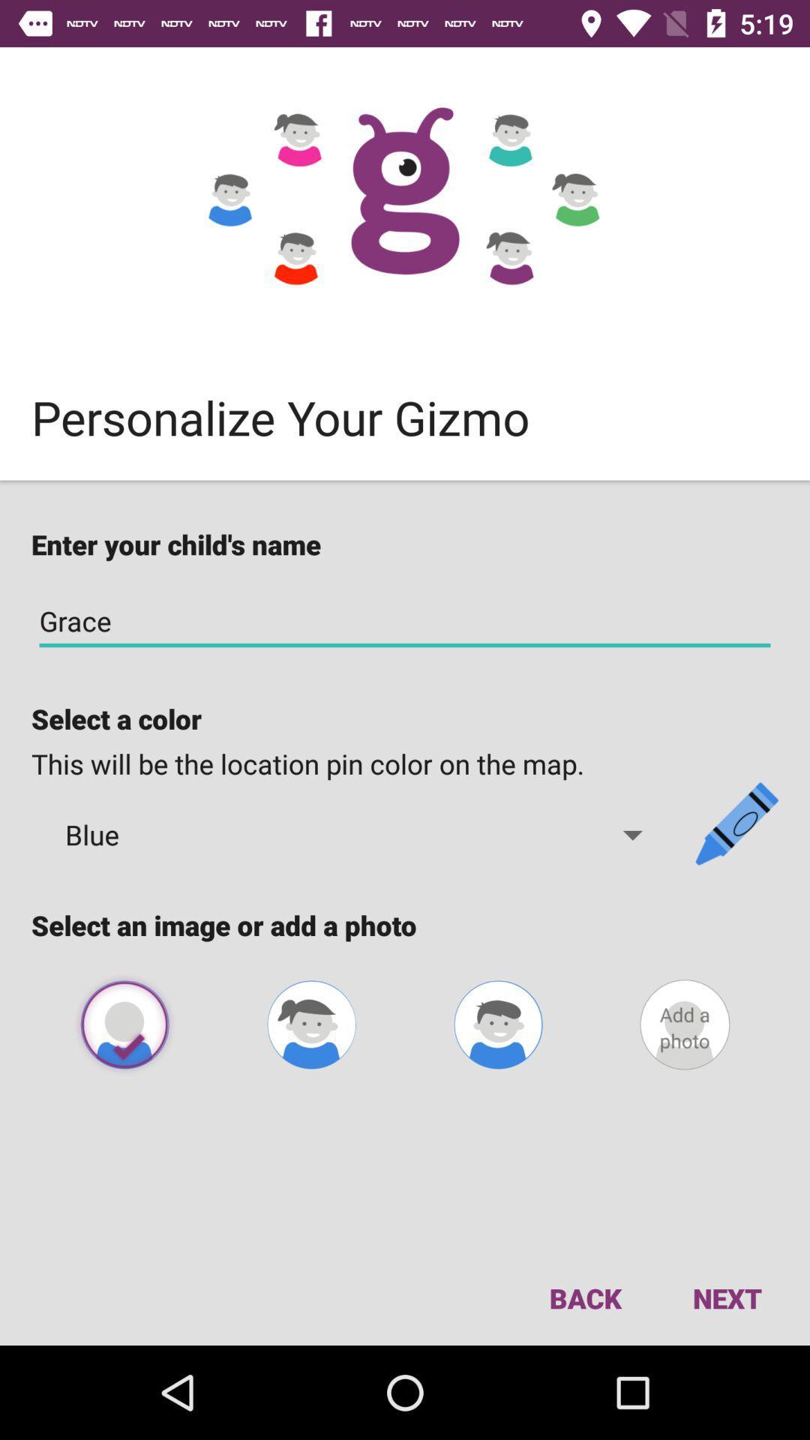 The width and height of the screenshot is (810, 1440). I want to click on photo for female, so click(310, 1024).